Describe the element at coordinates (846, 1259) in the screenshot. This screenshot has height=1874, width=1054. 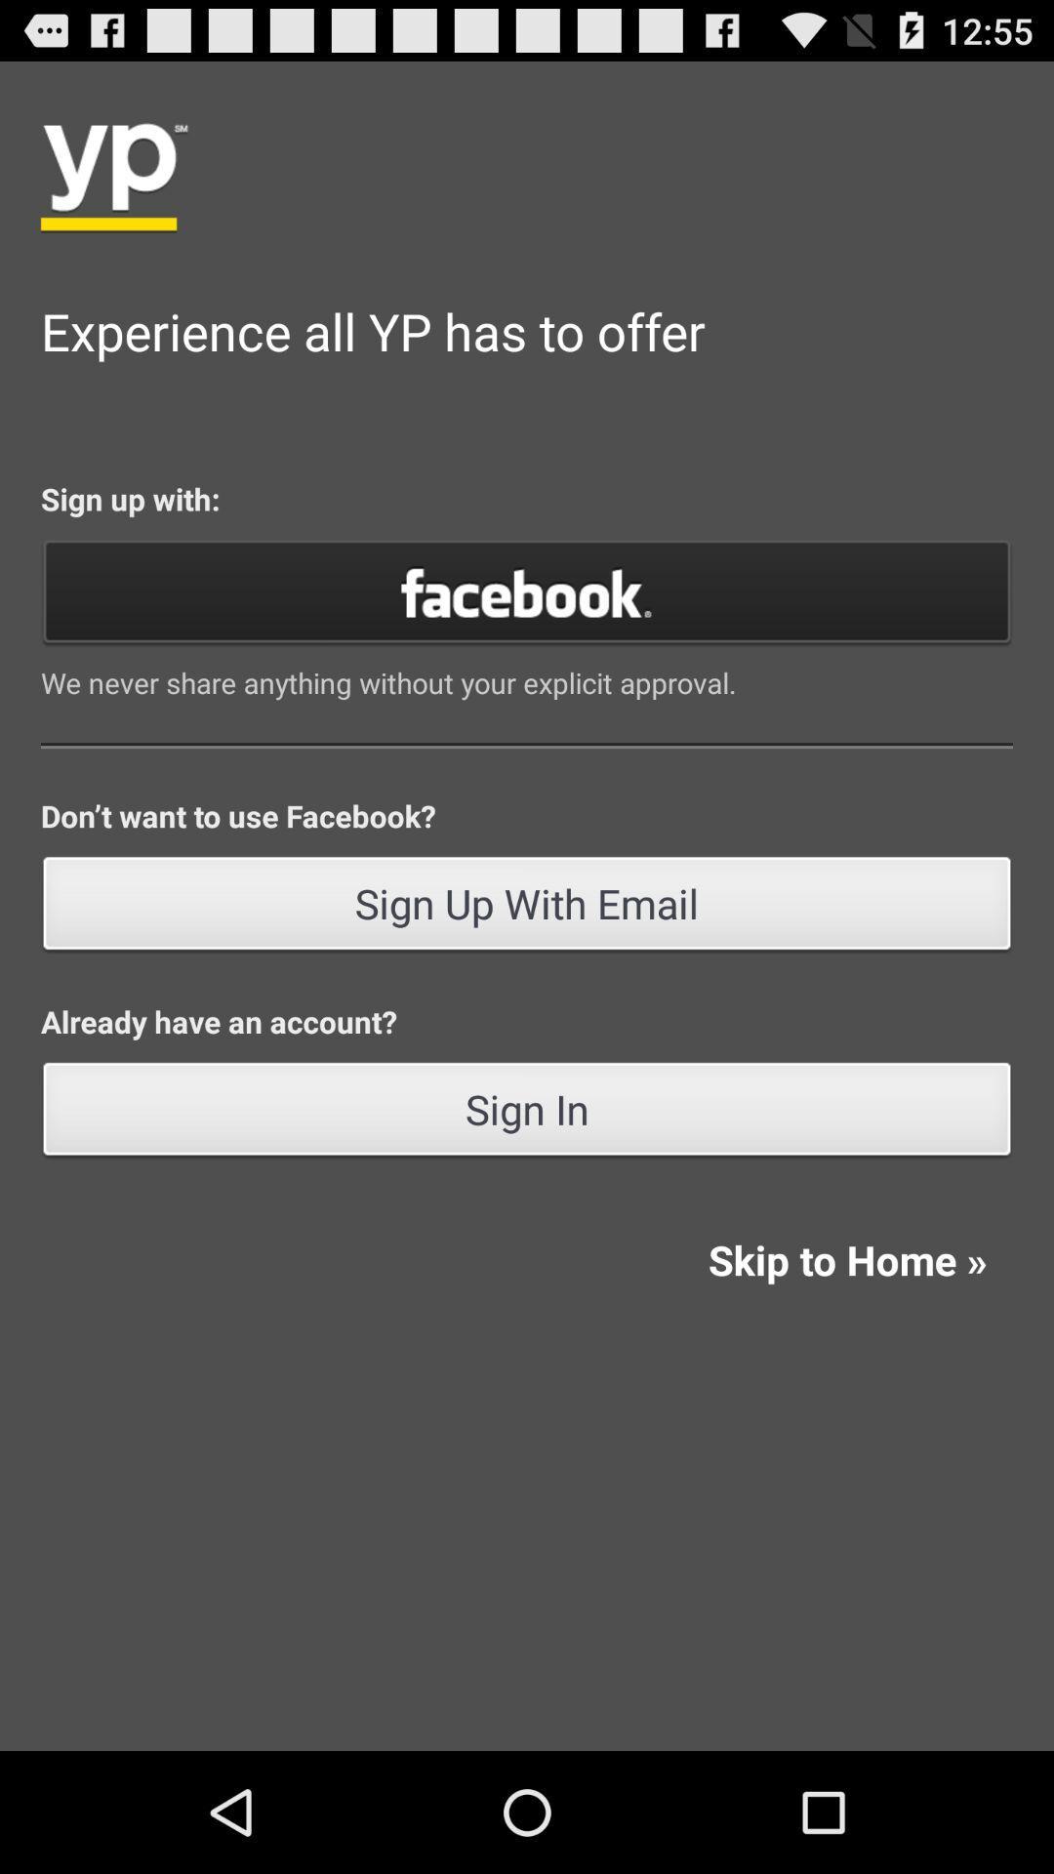
I see `the icon at the bottom right corner` at that location.